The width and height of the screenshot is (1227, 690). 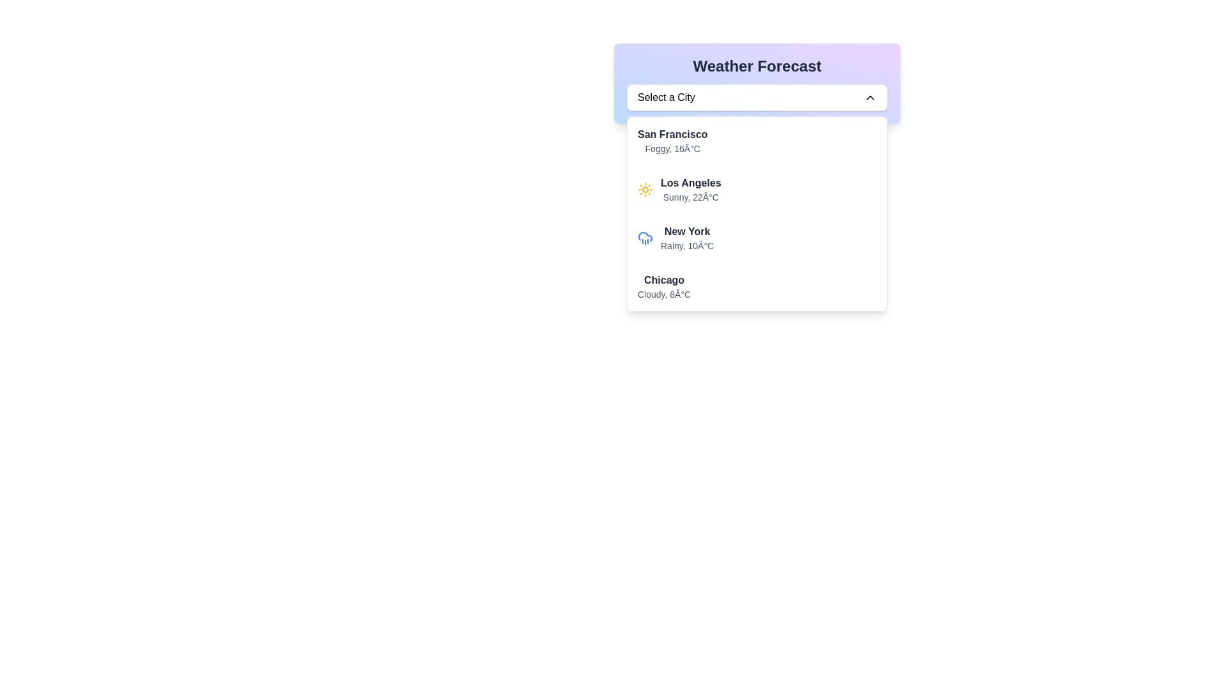 What do you see at coordinates (664, 286) in the screenshot?
I see `the static informational label displaying weather details for Chicago, which shows 'Cloudy' and '8°C', located under the 'Select a City' dropdown list` at bounding box center [664, 286].